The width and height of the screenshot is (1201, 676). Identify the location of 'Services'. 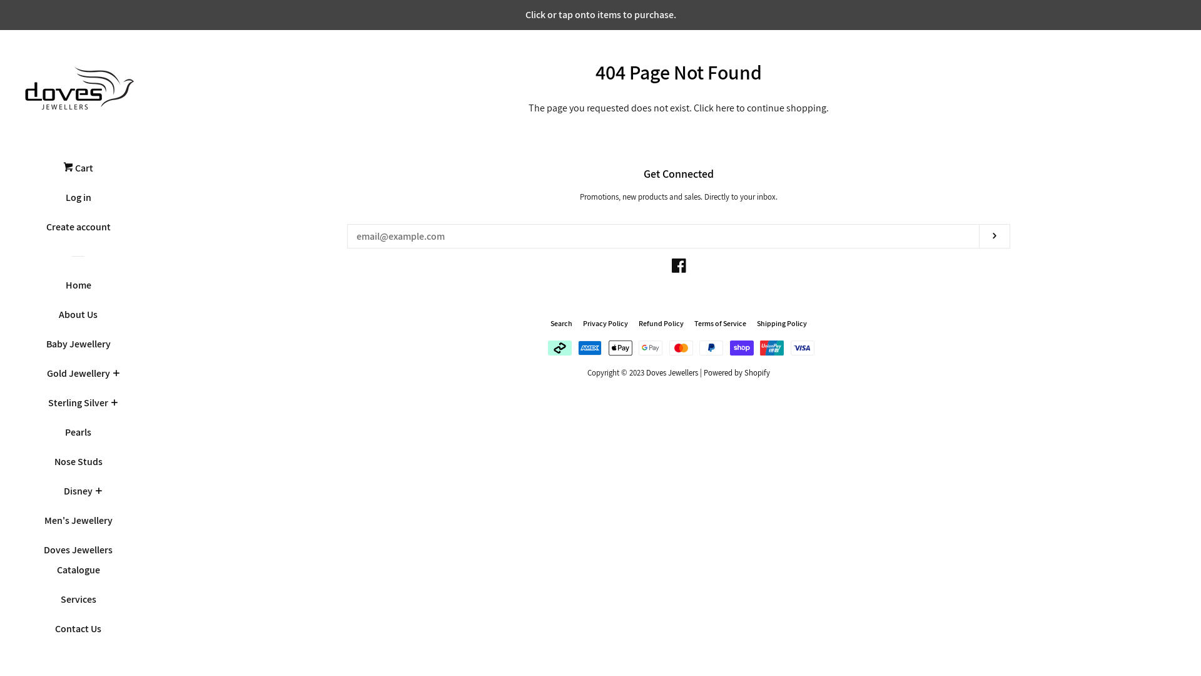
(77, 603).